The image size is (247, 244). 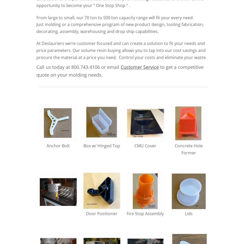 What do you see at coordinates (115, 17) in the screenshot?
I see `'From large to small, our 70 ton to 500 ton capacity range will fit your every need.'` at bounding box center [115, 17].